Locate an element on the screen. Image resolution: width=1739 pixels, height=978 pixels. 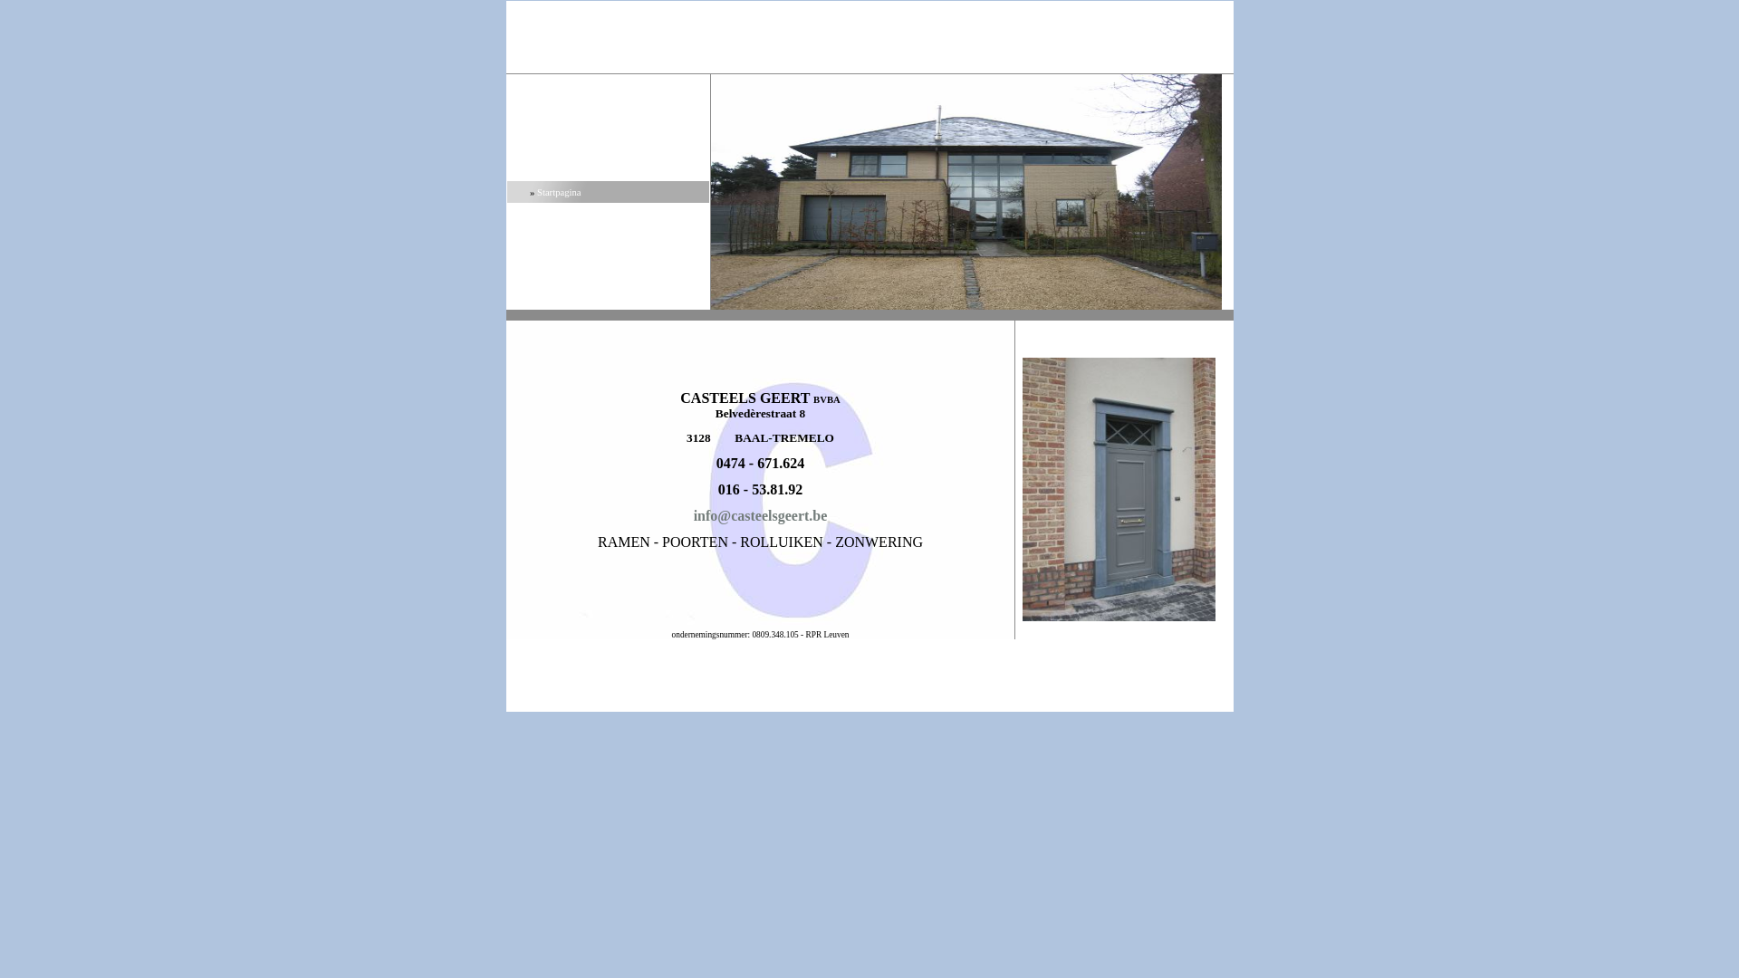
'Startpagina' is located at coordinates (558, 191).